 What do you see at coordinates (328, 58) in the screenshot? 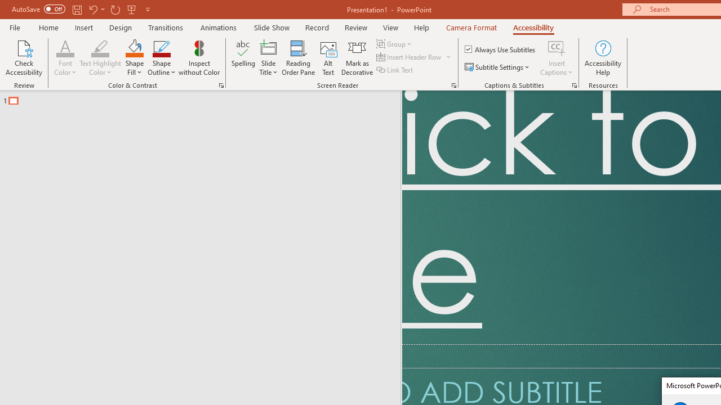
I see `'Alt Text'` at bounding box center [328, 58].